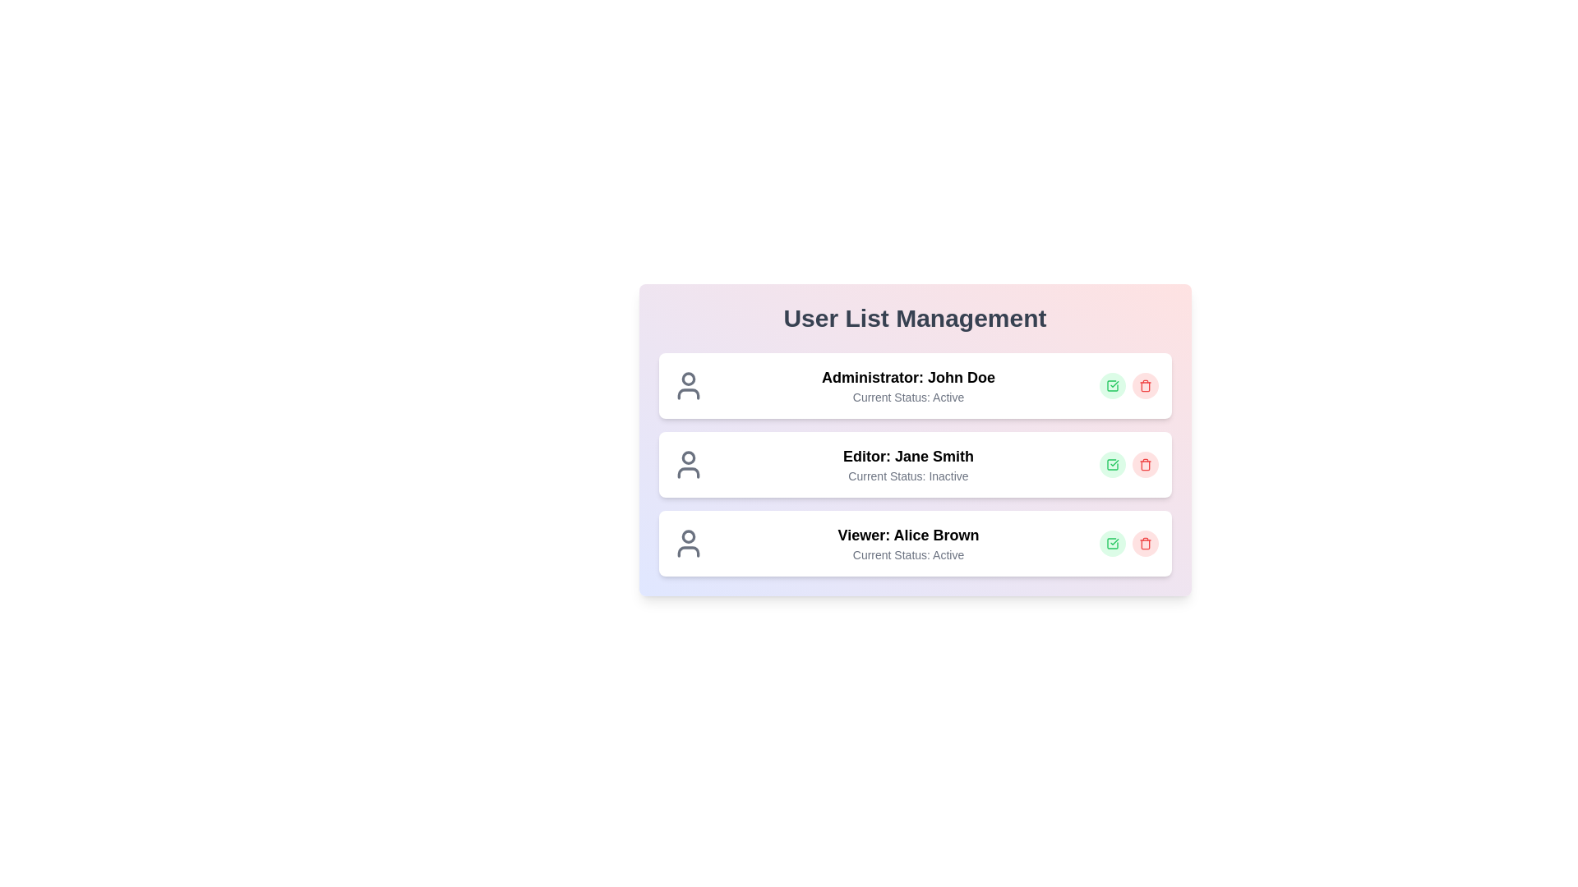  I want to click on the label displaying 'Administrator: John Doe' and 'Current Status: Active' which is located in the first user card below the 'User List Management' header, so click(907, 386).